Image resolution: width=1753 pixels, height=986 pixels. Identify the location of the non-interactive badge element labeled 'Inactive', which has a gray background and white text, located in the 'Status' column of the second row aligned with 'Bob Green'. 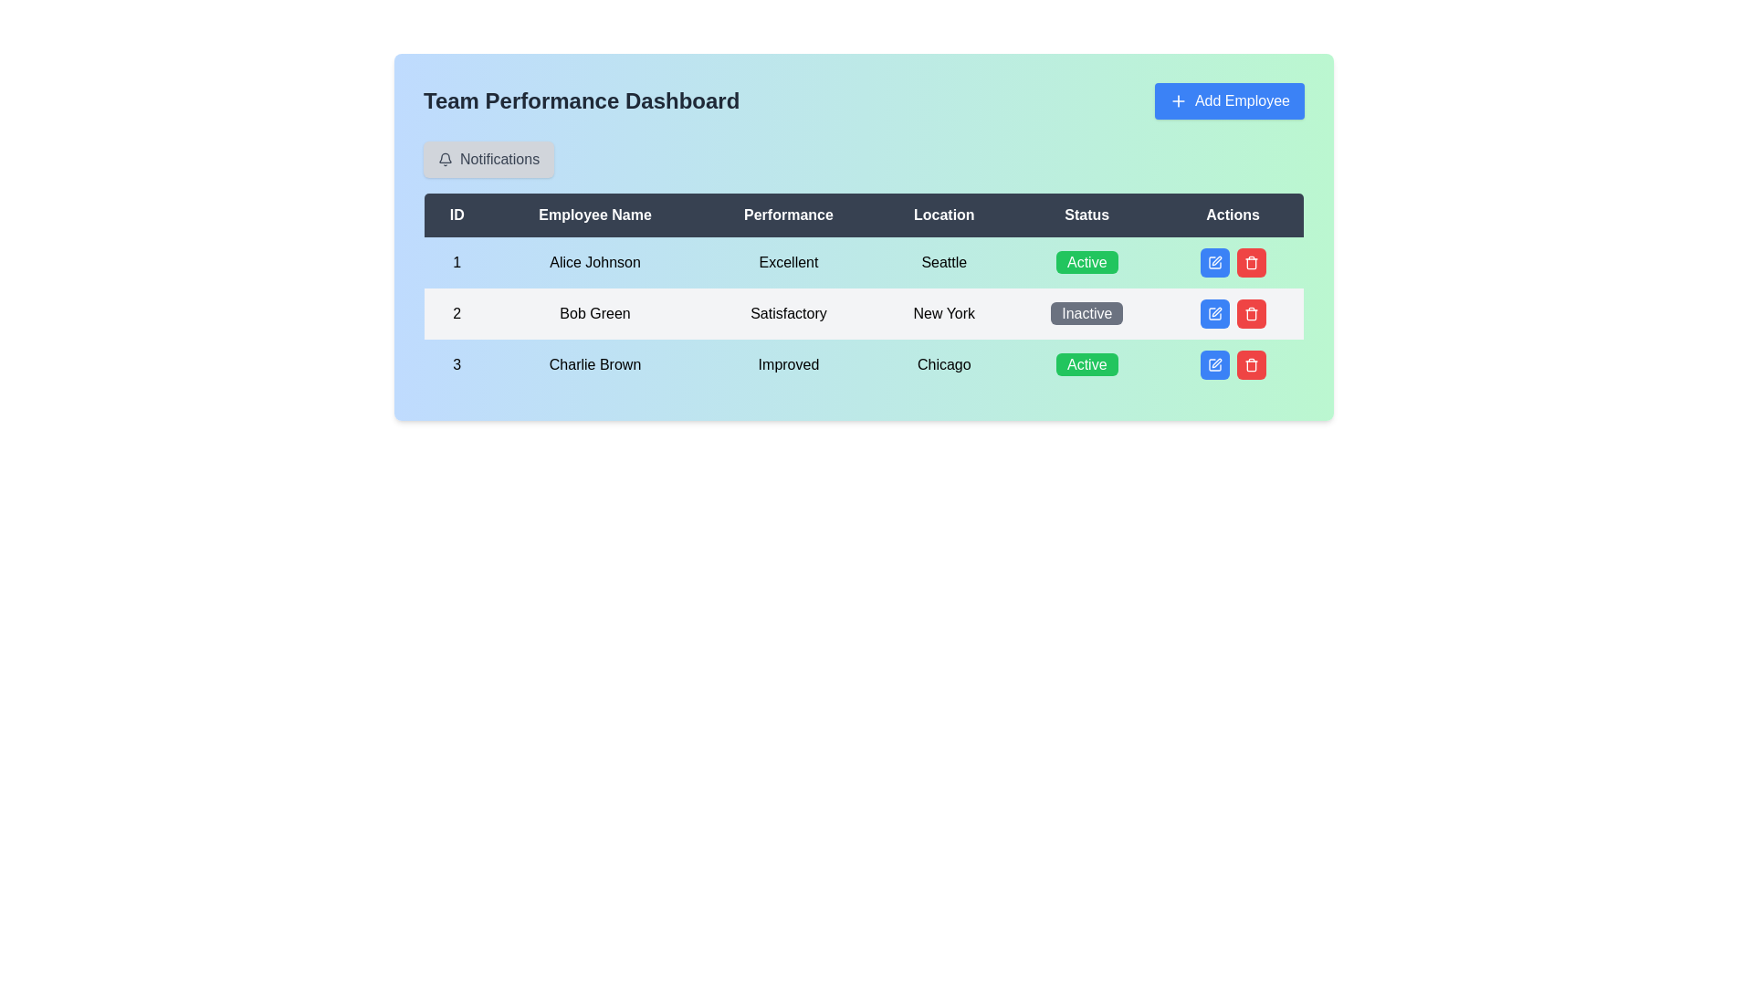
(1086, 312).